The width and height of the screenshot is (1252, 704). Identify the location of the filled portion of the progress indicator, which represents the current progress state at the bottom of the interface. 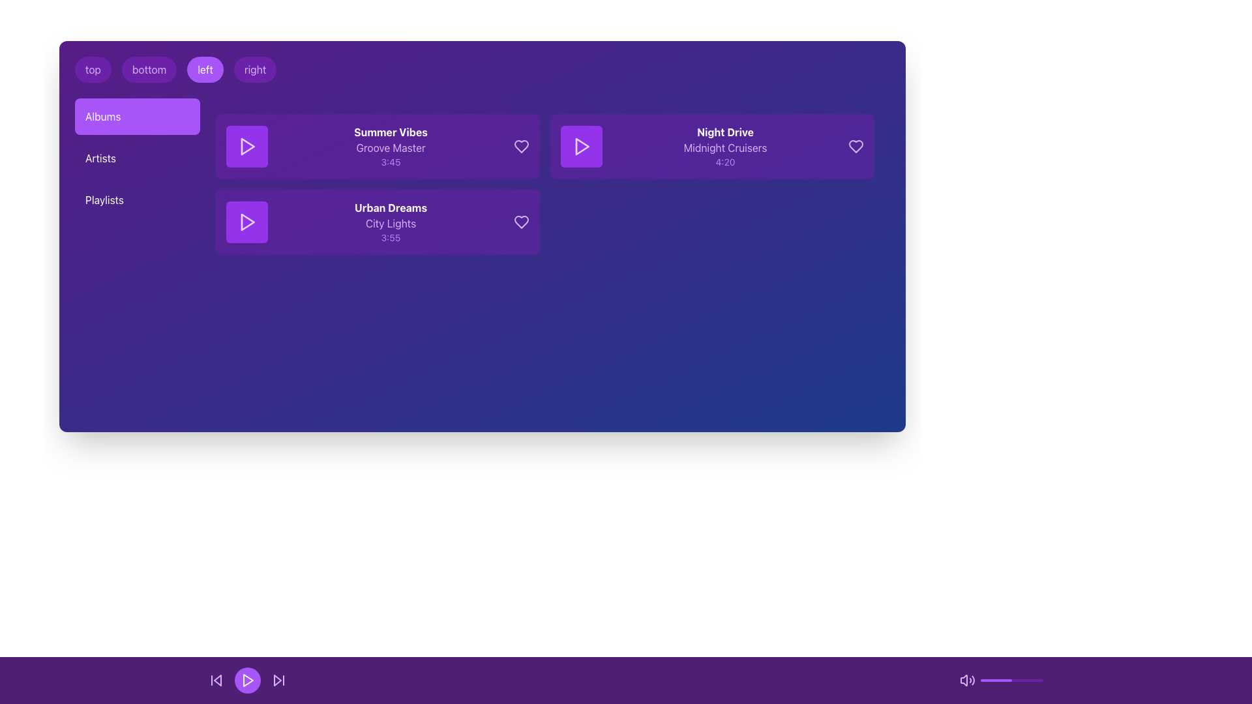
(995, 680).